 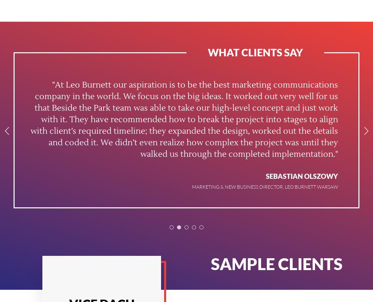 What do you see at coordinates (193, 228) in the screenshot?
I see `'4'` at bounding box center [193, 228].